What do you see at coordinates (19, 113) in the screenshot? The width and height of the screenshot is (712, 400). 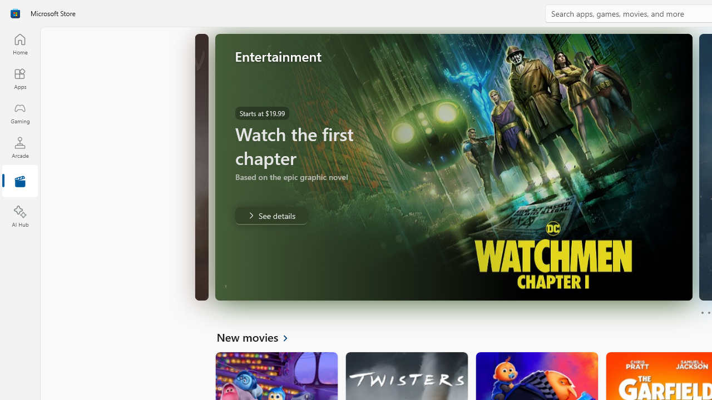 I see `'Gaming'` at bounding box center [19, 113].